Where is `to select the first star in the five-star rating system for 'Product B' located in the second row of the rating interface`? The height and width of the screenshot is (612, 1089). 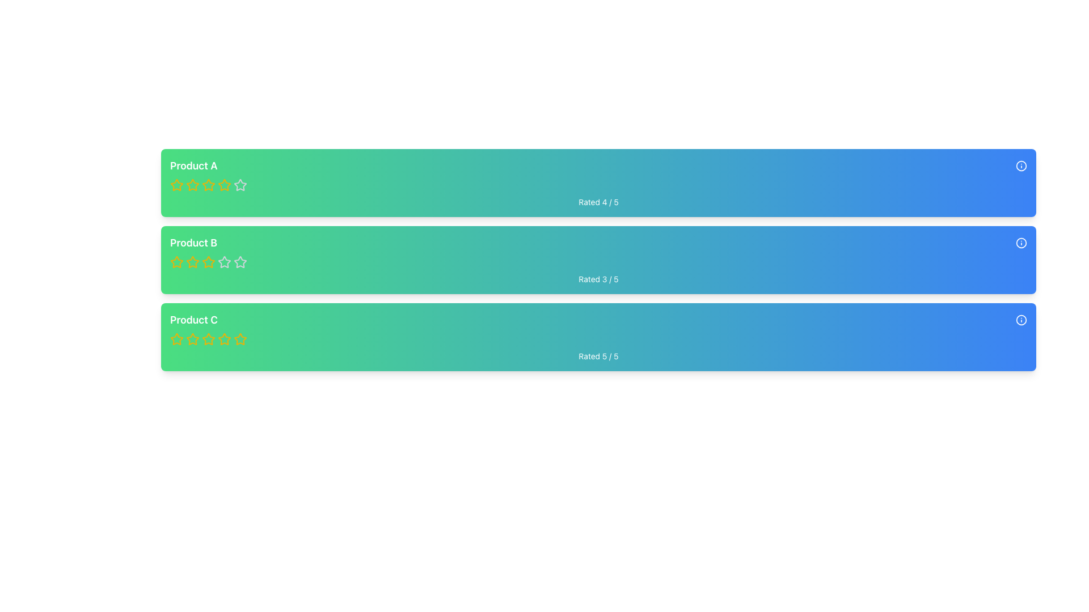
to select the first star in the five-star rating system for 'Product B' located in the second row of the rating interface is located at coordinates (176, 262).